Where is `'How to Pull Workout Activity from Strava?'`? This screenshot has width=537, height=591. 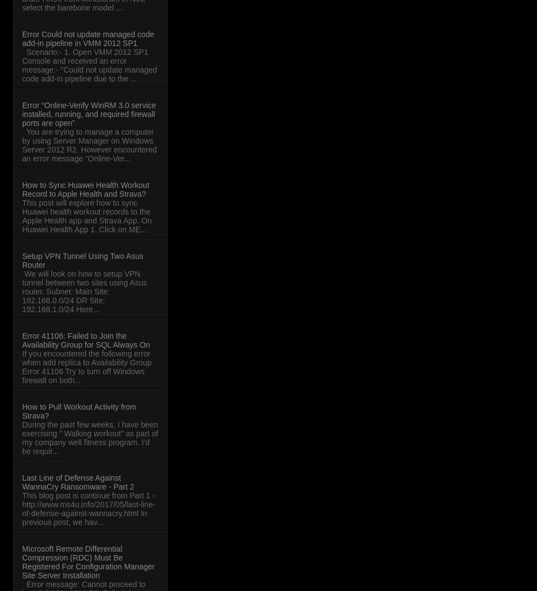 'How to Pull Workout Activity from Strava?' is located at coordinates (78, 411).